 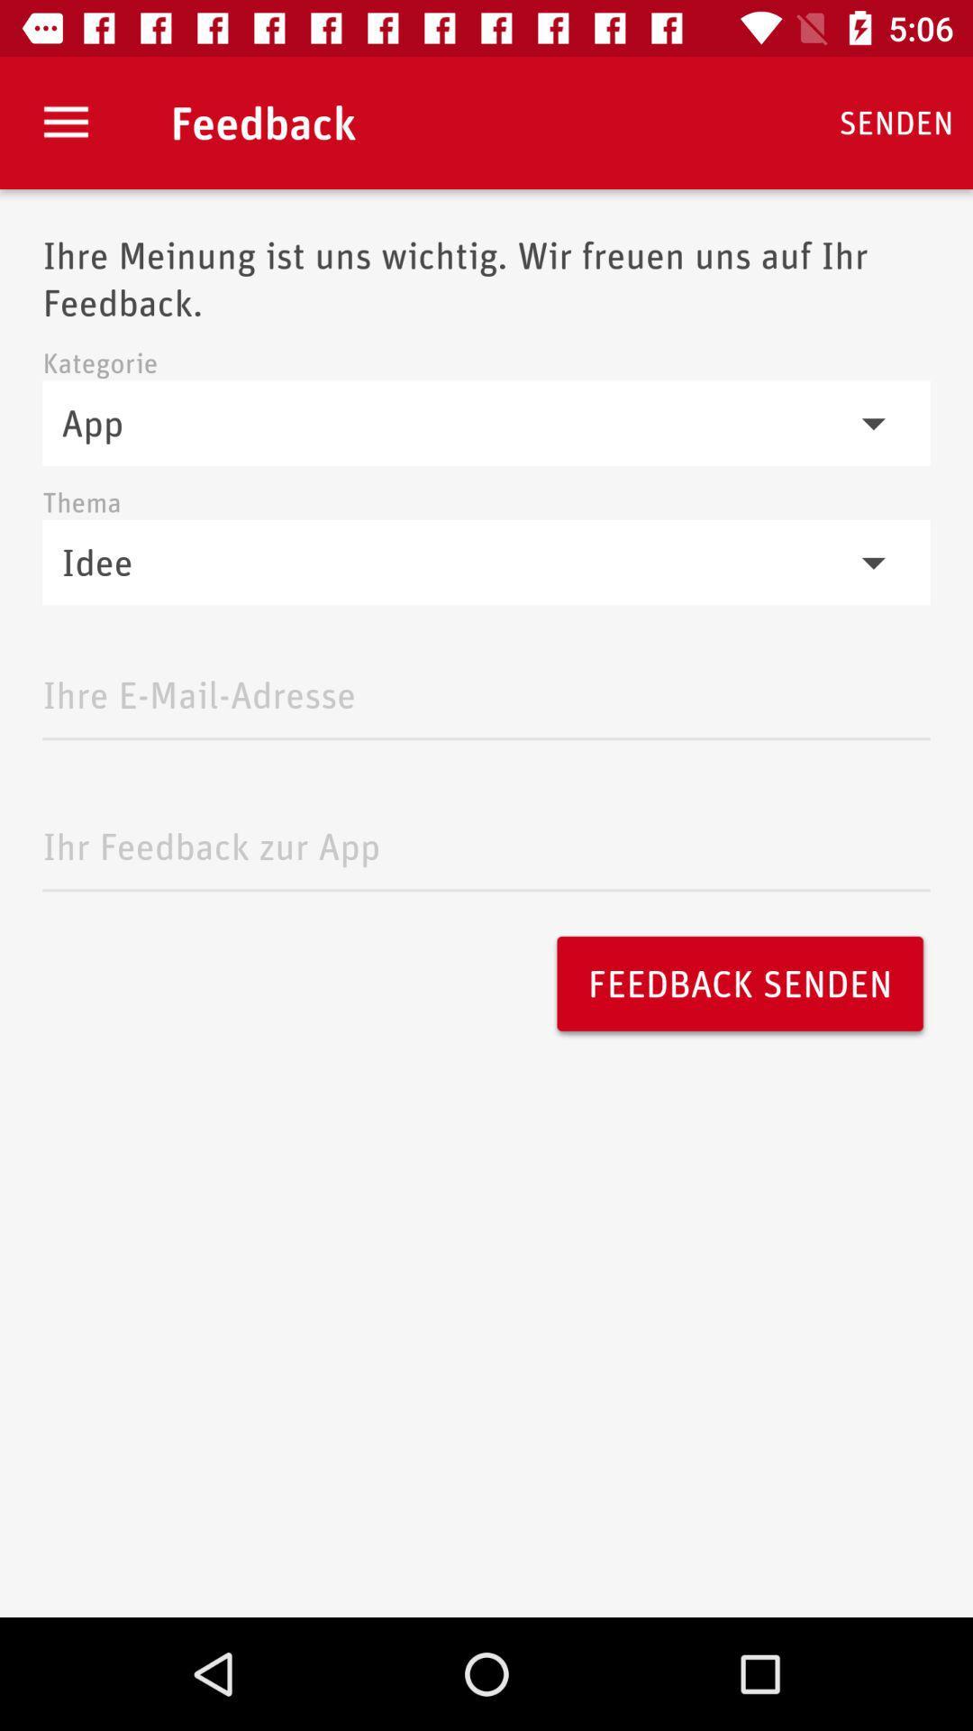 What do you see at coordinates (740, 983) in the screenshot?
I see `the feedback senden icon` at bounding box center [740, 983].